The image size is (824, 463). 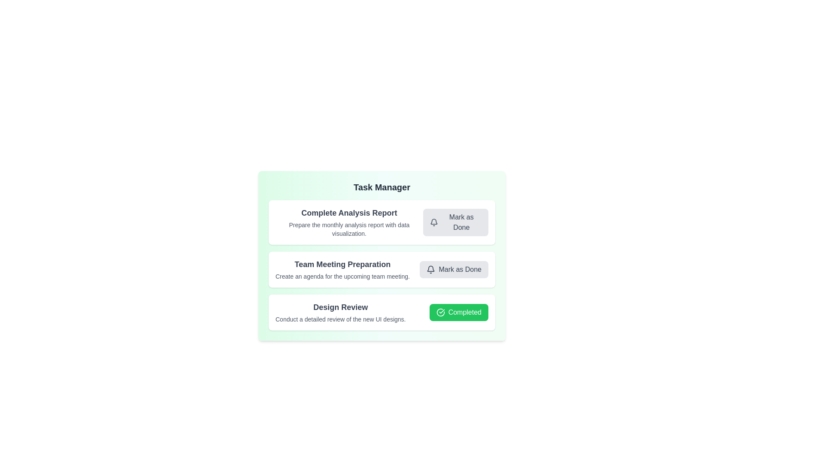 I want to click on the details of the task titled Design Review, so click(x=340, y=307).